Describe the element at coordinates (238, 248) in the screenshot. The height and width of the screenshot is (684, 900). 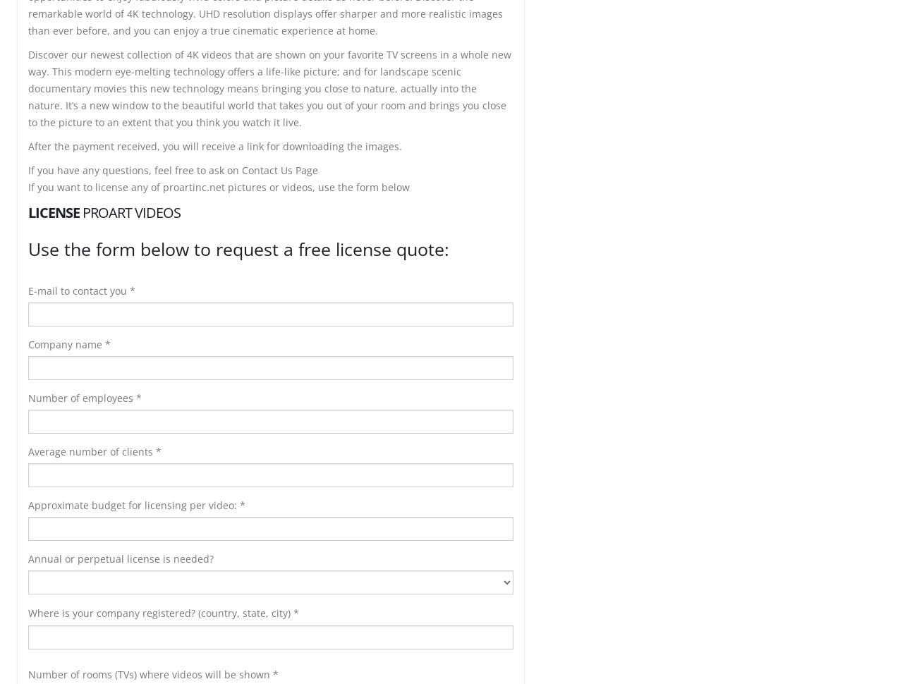
I see `'Use the form below to request a free license quote:'` at that location.